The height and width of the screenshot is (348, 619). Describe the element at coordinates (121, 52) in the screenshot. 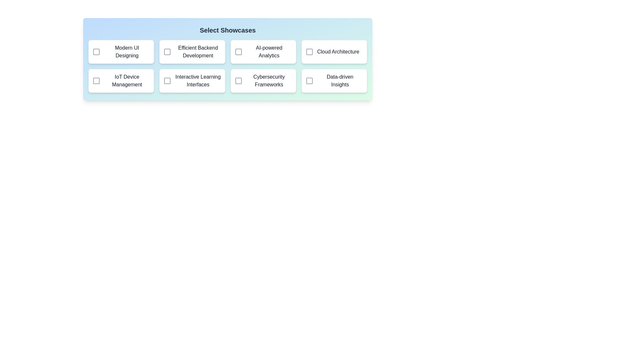

I see `the showcase item labeled 'Modern UI Designing' to observe the hover effect` at that location.